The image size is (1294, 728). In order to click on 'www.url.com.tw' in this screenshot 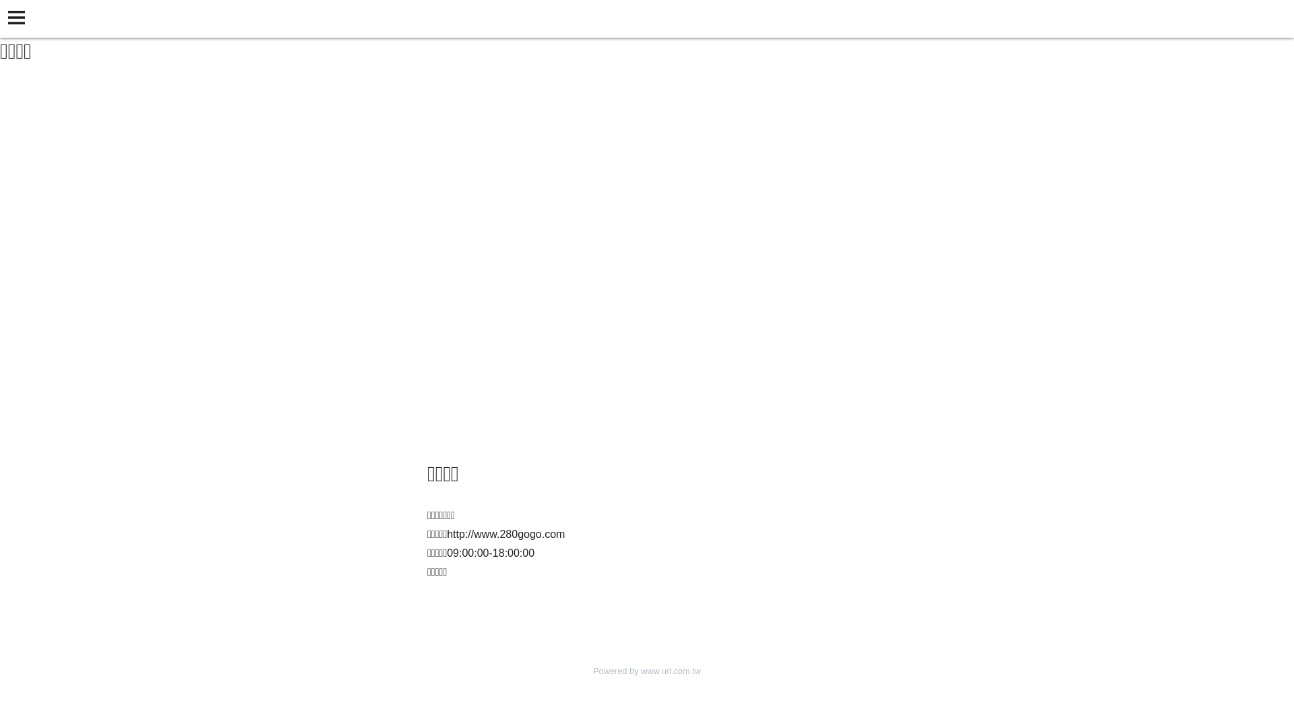, I will do `click(671, 671)`.